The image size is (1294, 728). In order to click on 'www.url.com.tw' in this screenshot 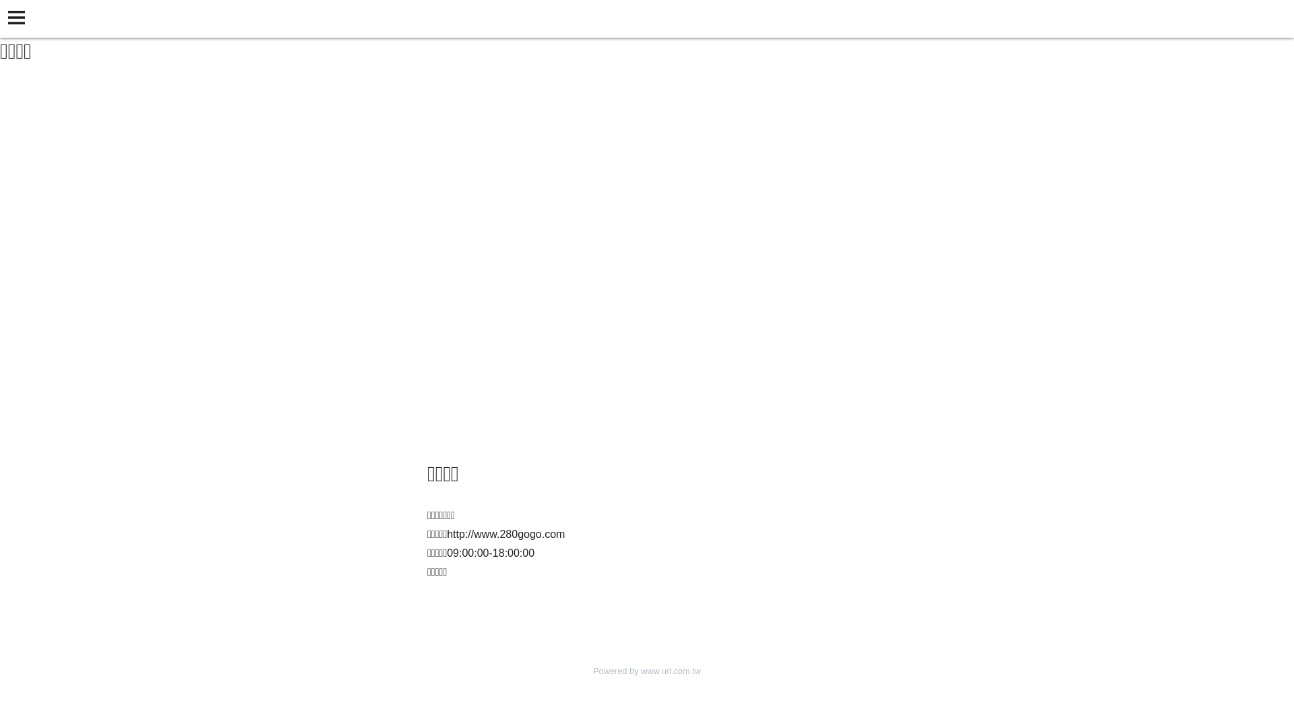, I will do `click(671, 671)`.